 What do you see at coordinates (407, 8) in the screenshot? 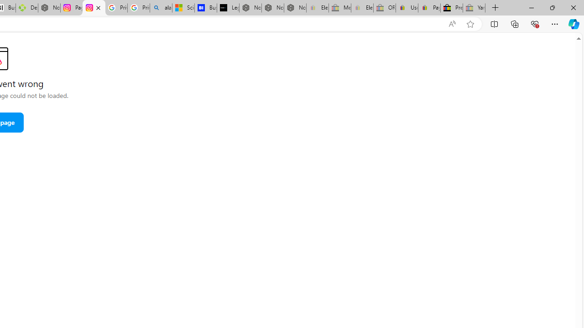
I see `'User Privacy Notice | eBay'` at bounding box center [407, 8].